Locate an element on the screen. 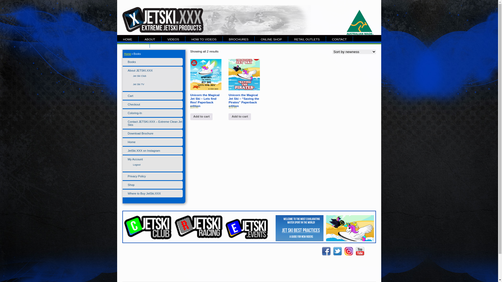 Image resolution: width=502 pixels, height=282 pixels. 'JetSki.XXX on Instagram' is located at coordinates (144, 151).